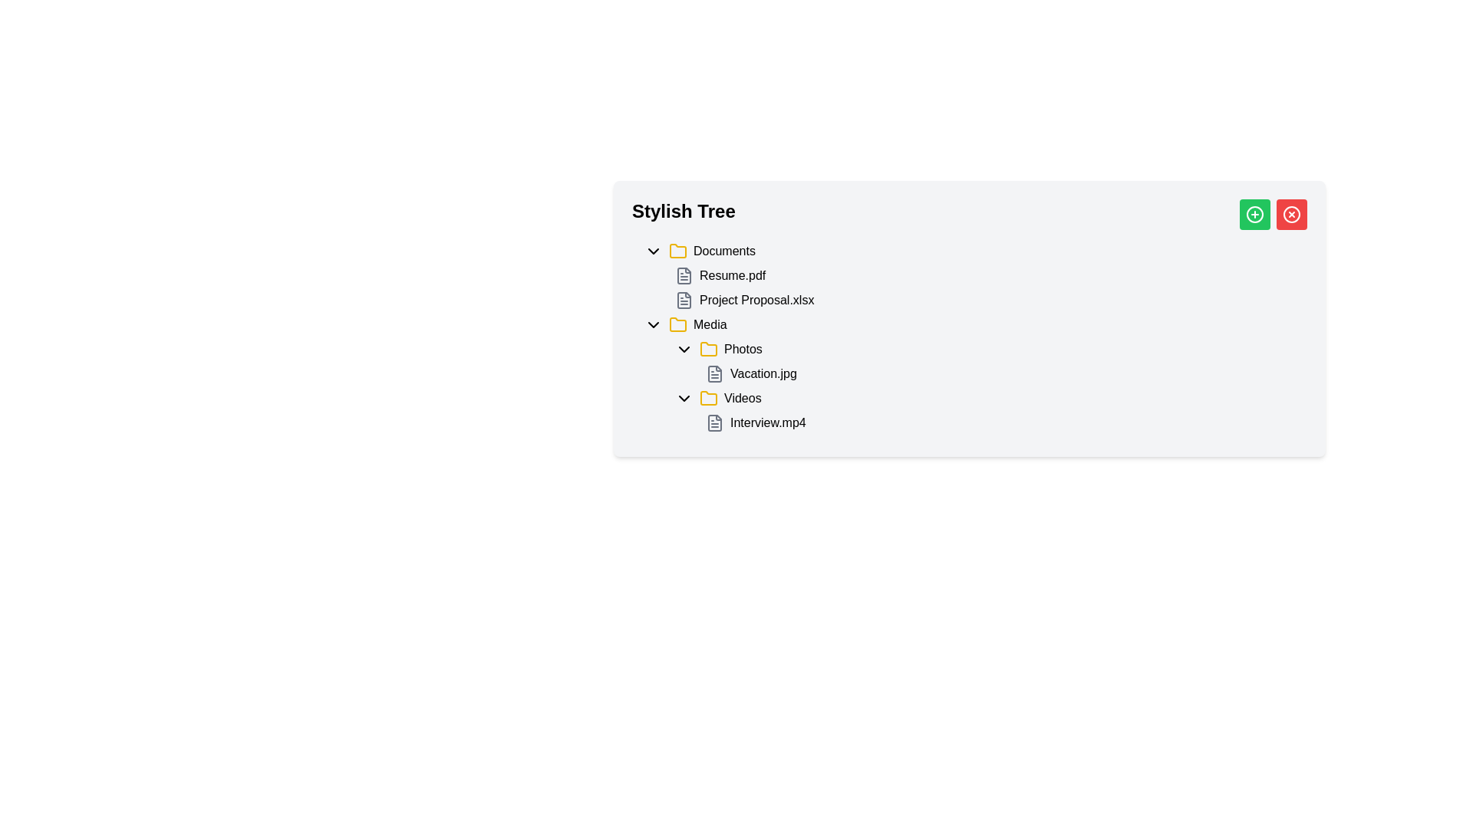 The height and width of the screenshot is (828, 1473). Describe the element at coordinates (713, 422) in the screenshot. I see `the document icon representing the file item 'Interview.mp4'` at that location.